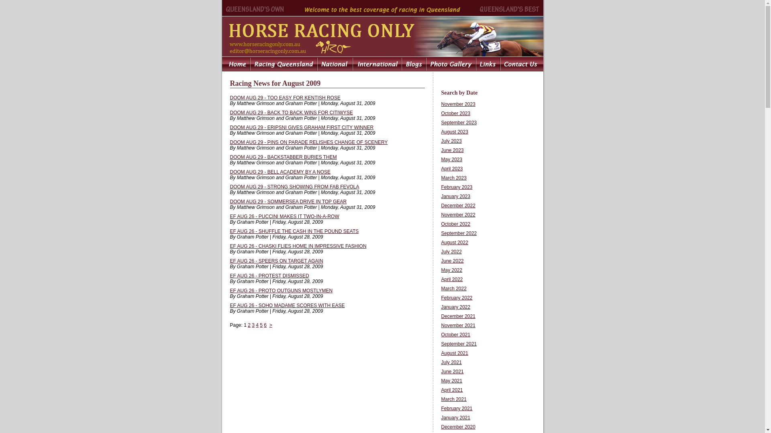 The image size is (771, 433). I want to click on 'EF AUG 26 - PROTEST DISMISSED', so click(269, 275).